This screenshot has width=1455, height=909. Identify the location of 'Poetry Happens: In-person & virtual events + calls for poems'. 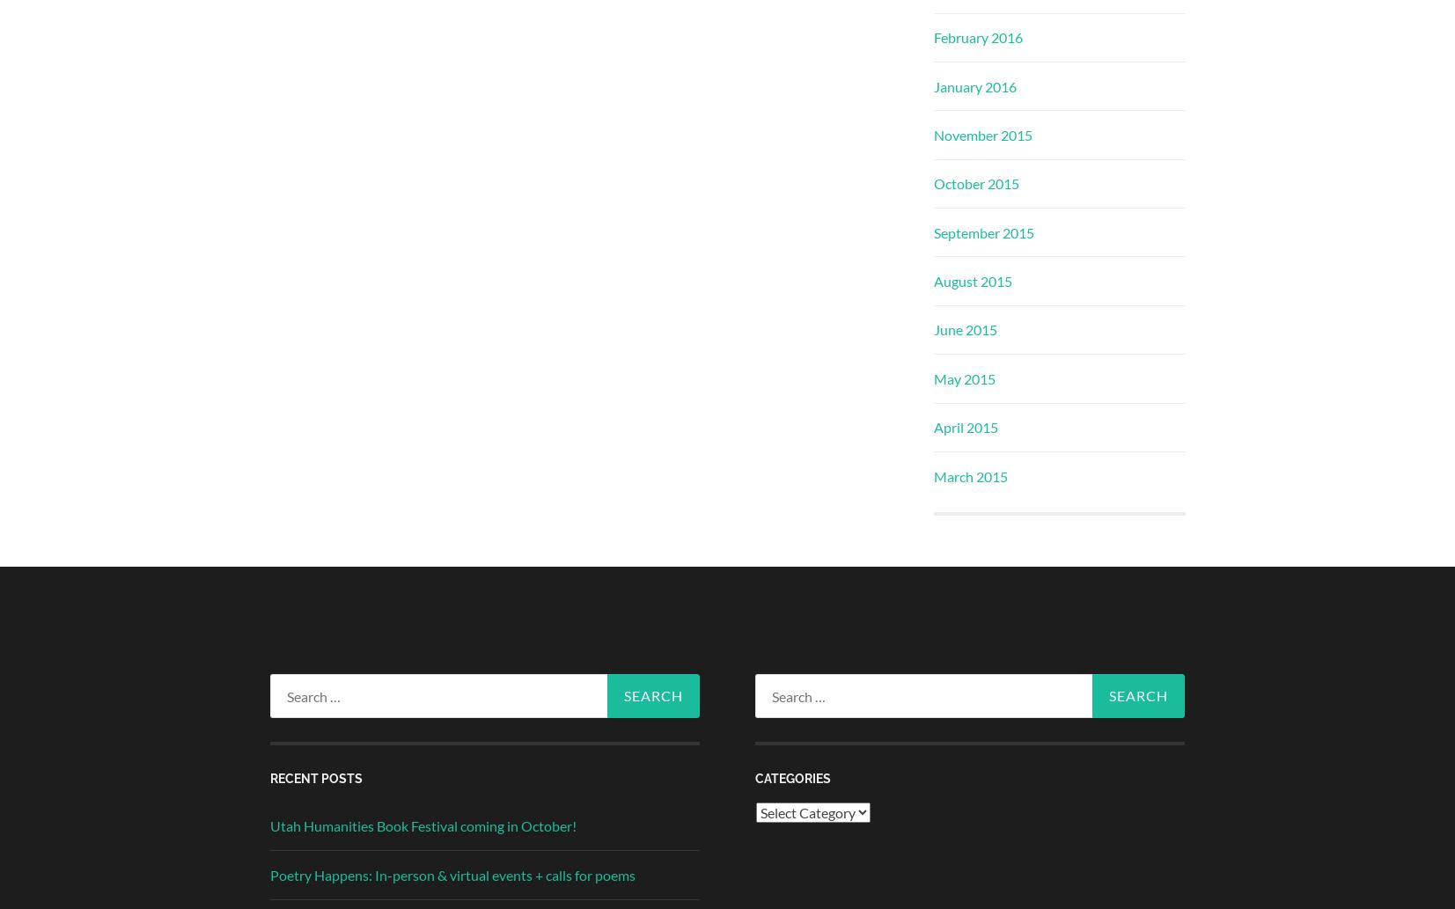
(451, 873).